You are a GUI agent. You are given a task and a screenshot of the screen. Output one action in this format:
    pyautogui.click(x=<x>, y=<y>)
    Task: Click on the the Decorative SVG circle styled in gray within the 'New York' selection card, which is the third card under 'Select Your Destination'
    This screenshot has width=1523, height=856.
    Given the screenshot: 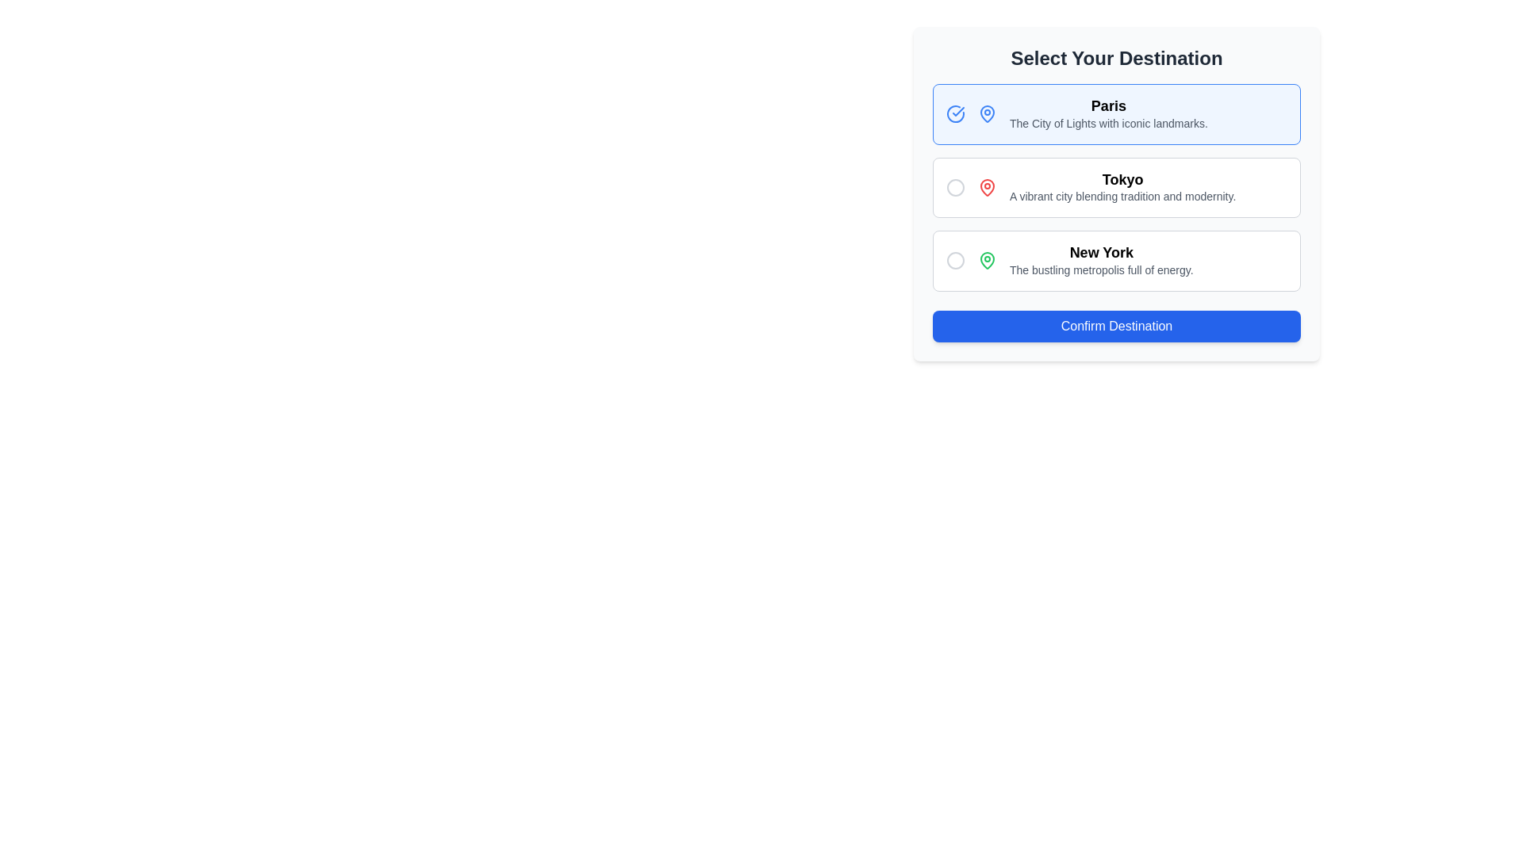 What is the action you would take?
    pyautogui.click(x=954, y=259)
    